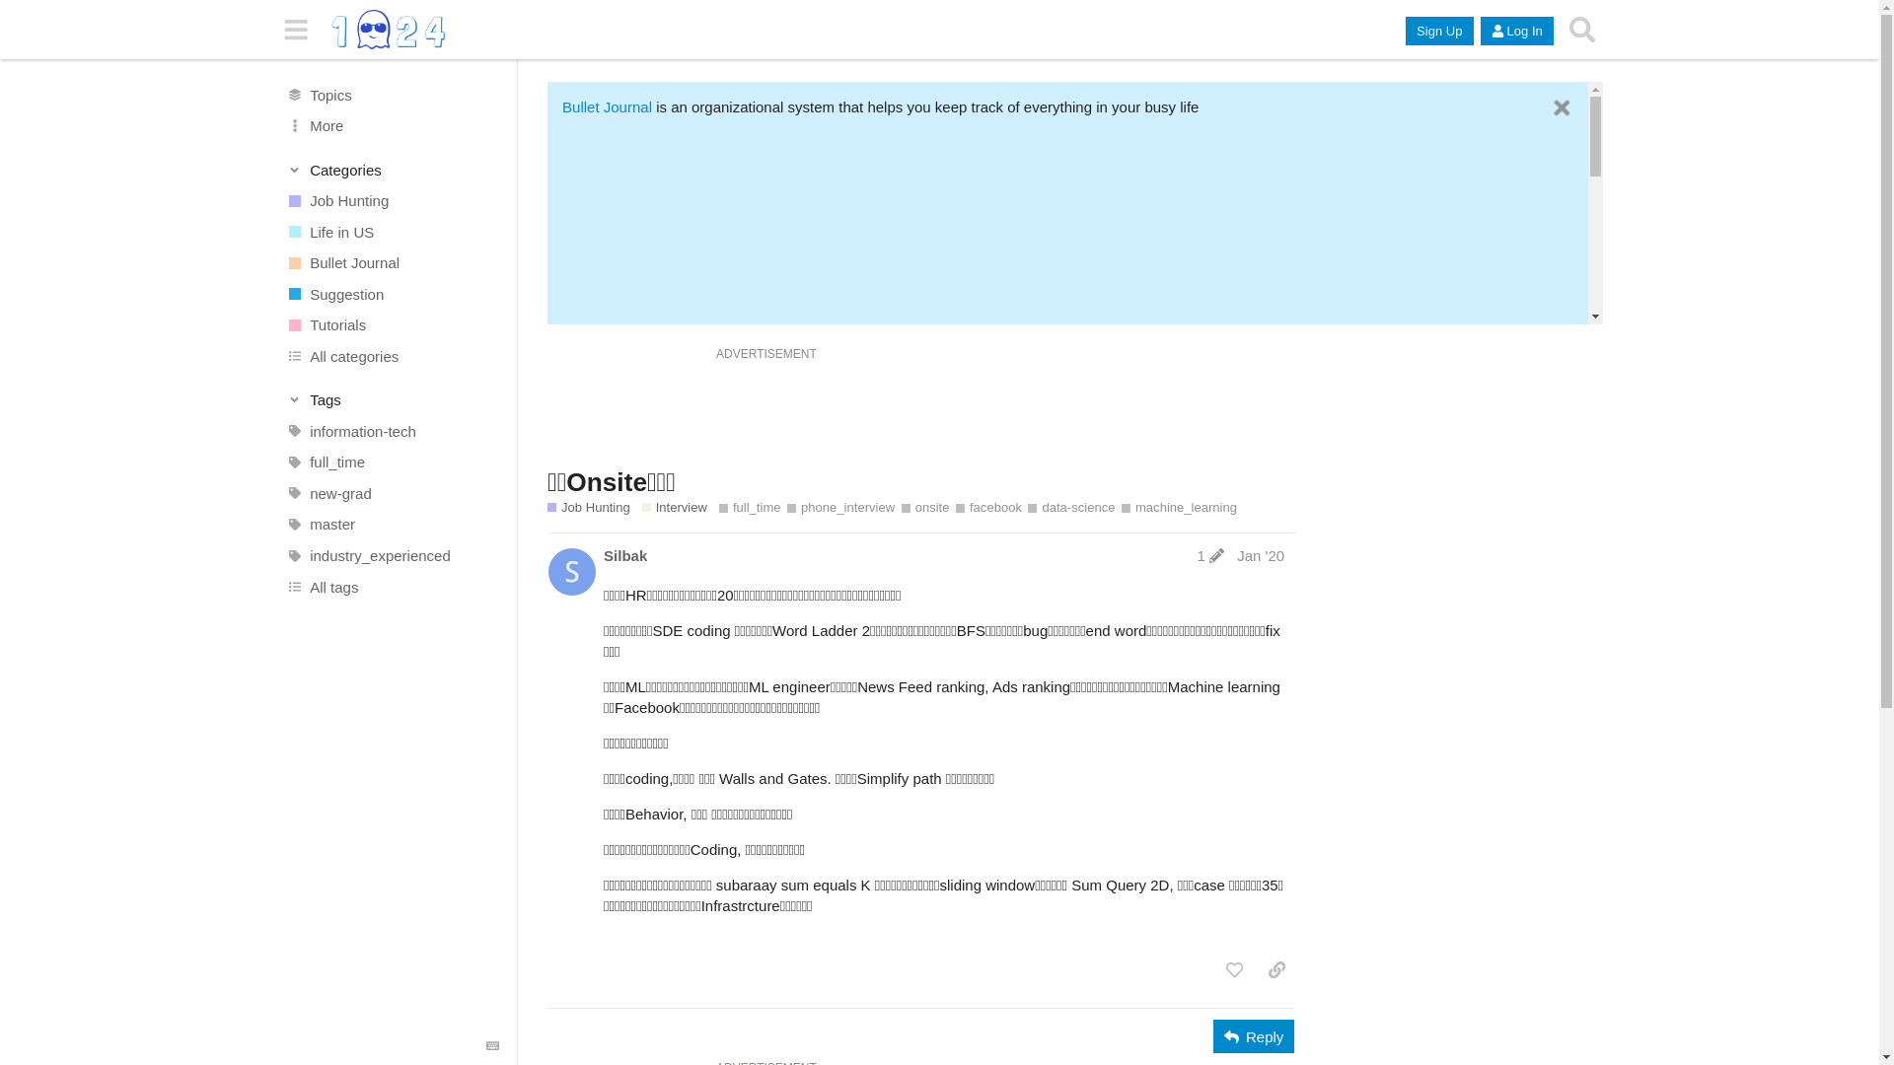  What do you see at coordinates (392, 125) in the screenshot?
I see `'More'` at bounding box center [392, 125].